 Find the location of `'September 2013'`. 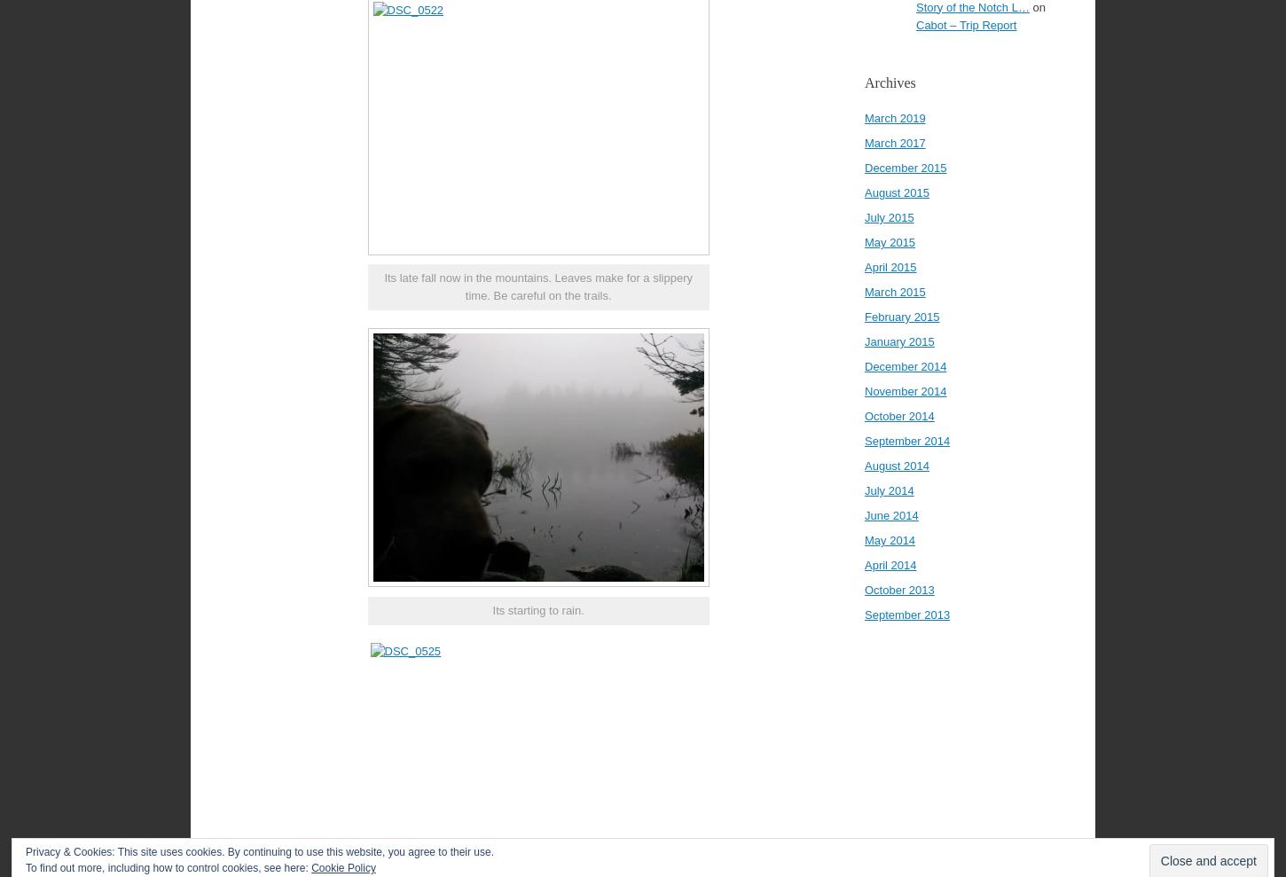

'September 2013' is located at coordinates (906, 614).